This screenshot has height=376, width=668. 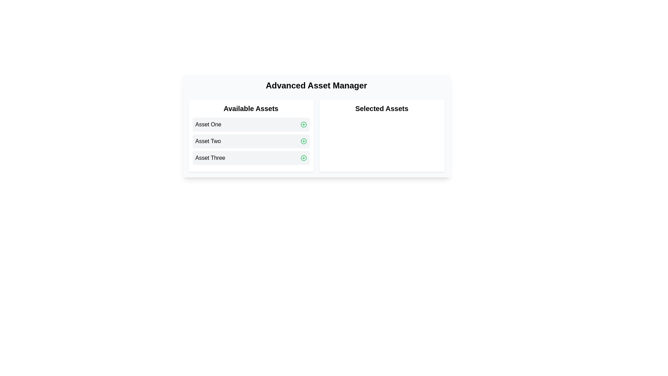 What do you see at coordinates (381, 109) in the screenshot?
I see `the bold, black text label stating 'Selected Assets', which is prominently displayed at the top center of its white box` at bounding box center [381, 109].